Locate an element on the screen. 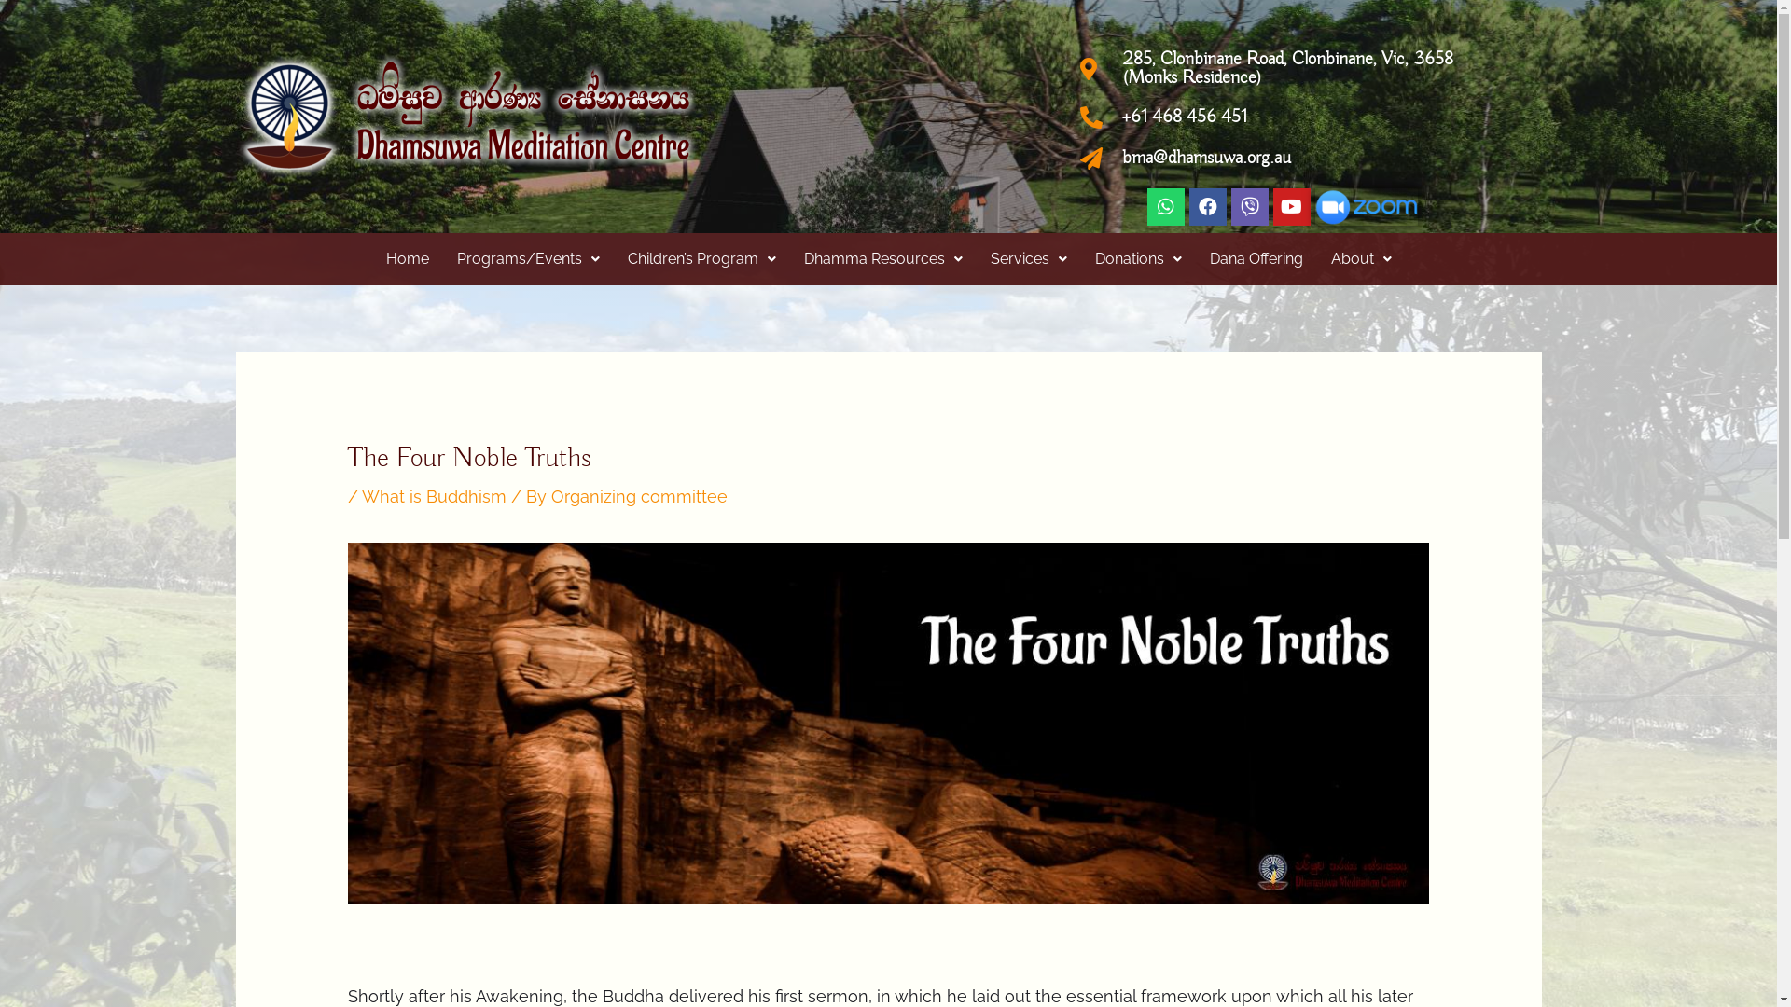 The image size is (1791, 1007). 'Facebook' is located at coordinates (1208, 207).